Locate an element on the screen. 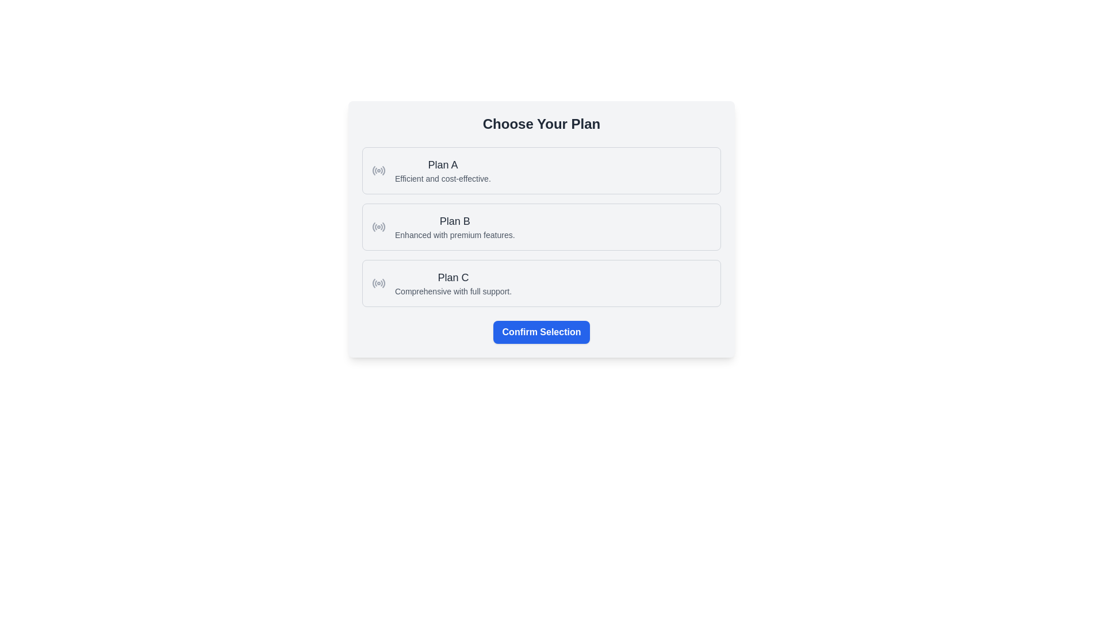 This screenshot has height=621, width=1104. the radio button icon representing the 'Plan B' option, located to the left of the text 'Plan B - Enhanced with premium features' is located at coordinates (378, 227).